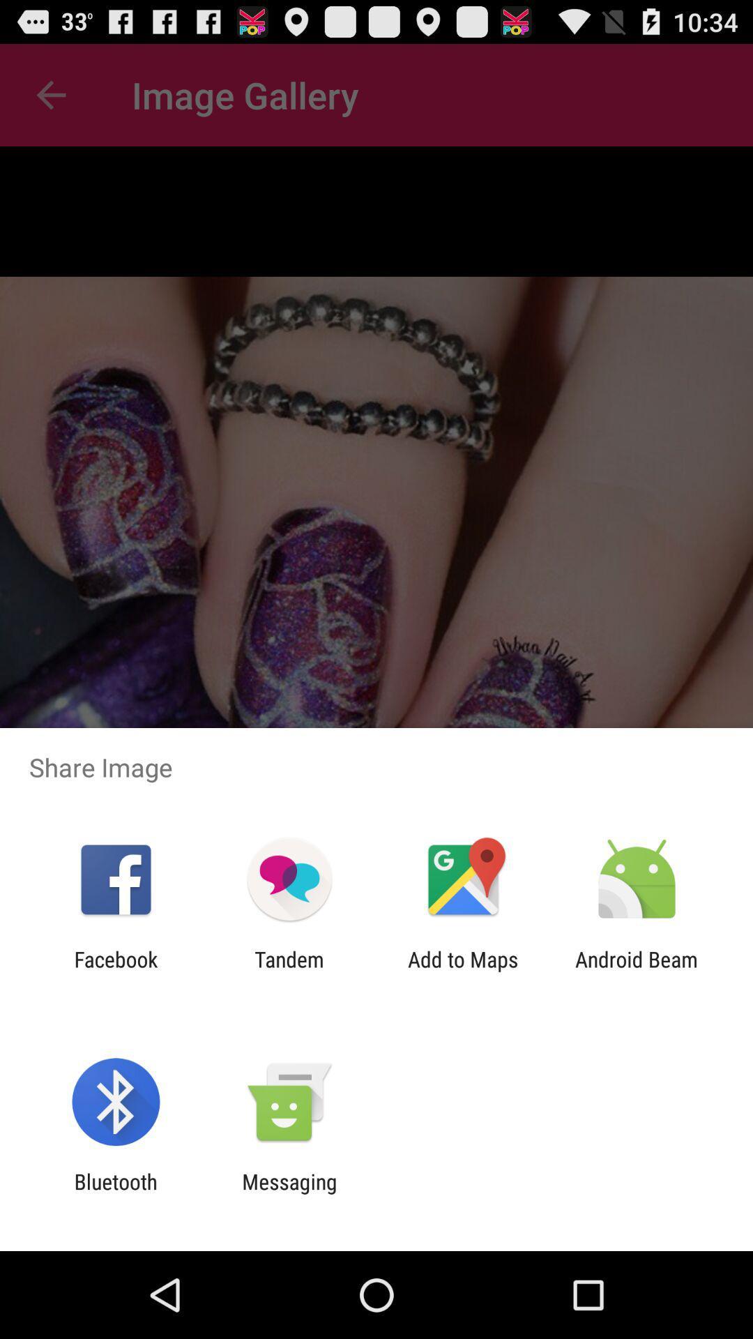 This screenshot has width=753, height=1339. What do you see at coordinates (115, 971) in the screenshot?
I see `the facebook app` at bounding box center [115, 971].